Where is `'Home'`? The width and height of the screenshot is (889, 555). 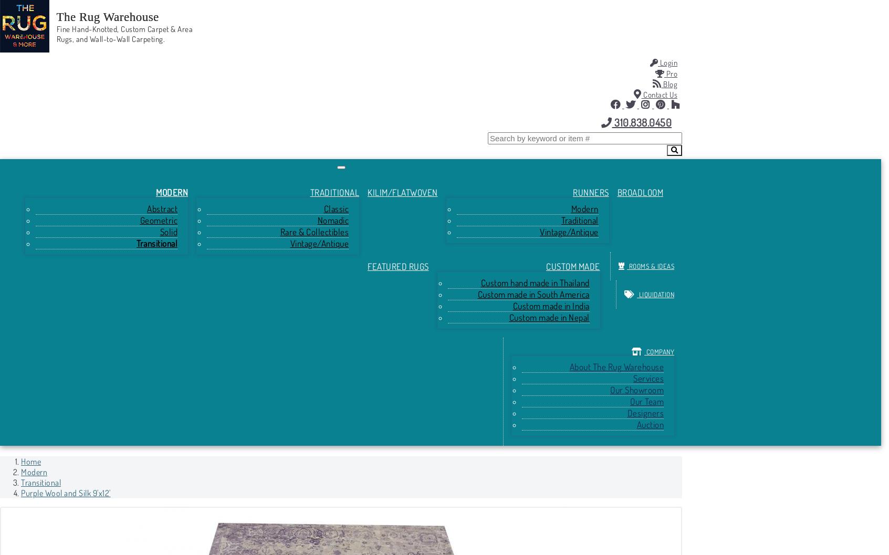 'Home' is located at coordinates (30, 461).